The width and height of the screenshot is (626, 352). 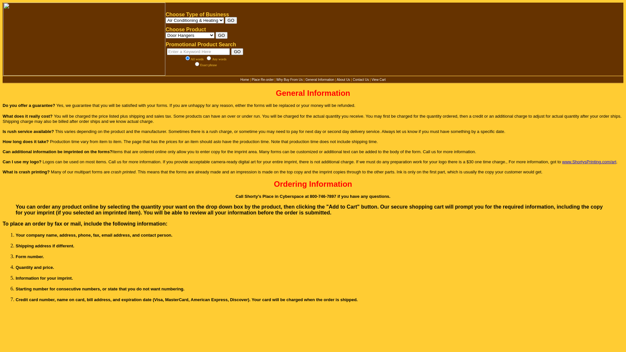 What do you see at coordinates (231, 20) in the screenshot?
I see `'GO'` at bounding box center [231, 20].